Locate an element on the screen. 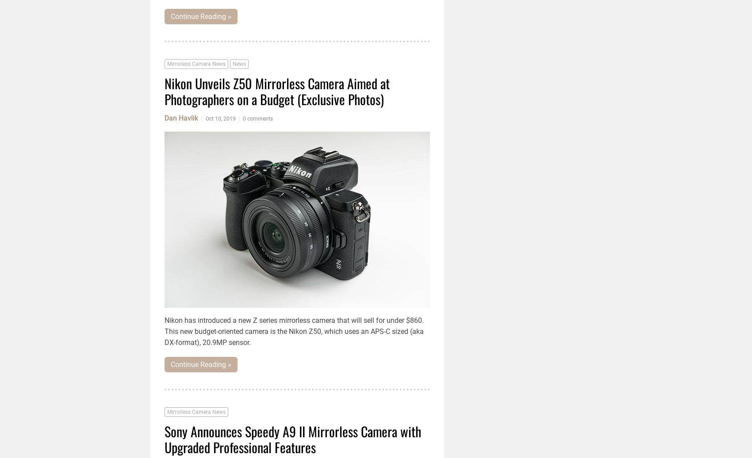 Image resolution: width=752 pixels, height=458 pixels. 'Nikon has introduced a new Z series mirrorless camera that will sell for under $860. This new budget-oriented camera is the Nikon Z50, which uses an APS-C sized (aka DX-format), 20.9MP sensor.' is located at coordinates (164, 331).